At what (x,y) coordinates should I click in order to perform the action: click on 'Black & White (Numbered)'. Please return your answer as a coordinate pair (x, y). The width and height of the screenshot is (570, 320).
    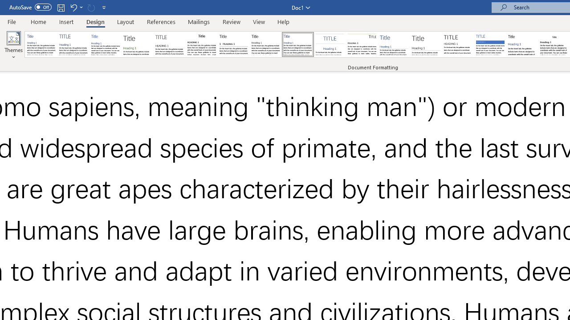
    Looking at the image, I should click on (233, 44).